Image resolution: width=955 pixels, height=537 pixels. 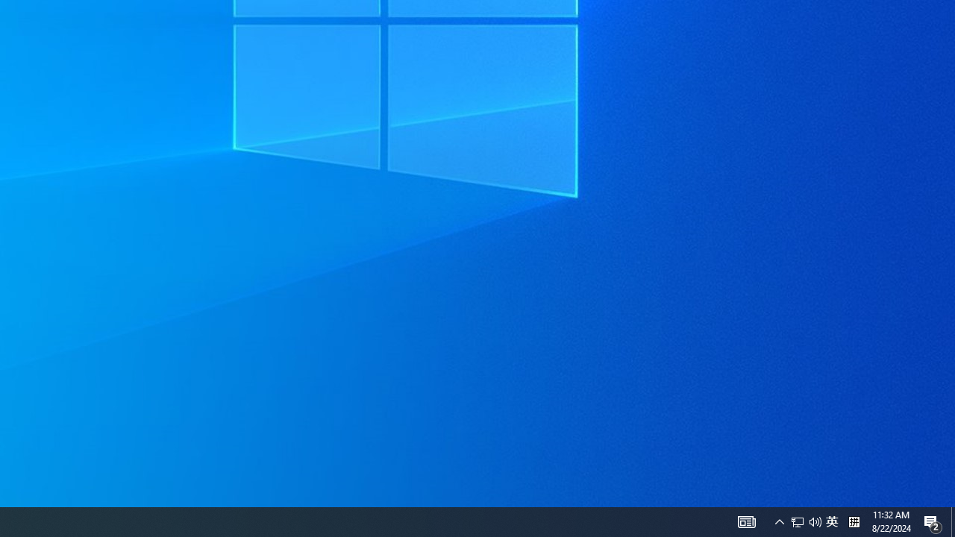 I want to click on 'Q2790: 100%', so click(x=854, y=521).